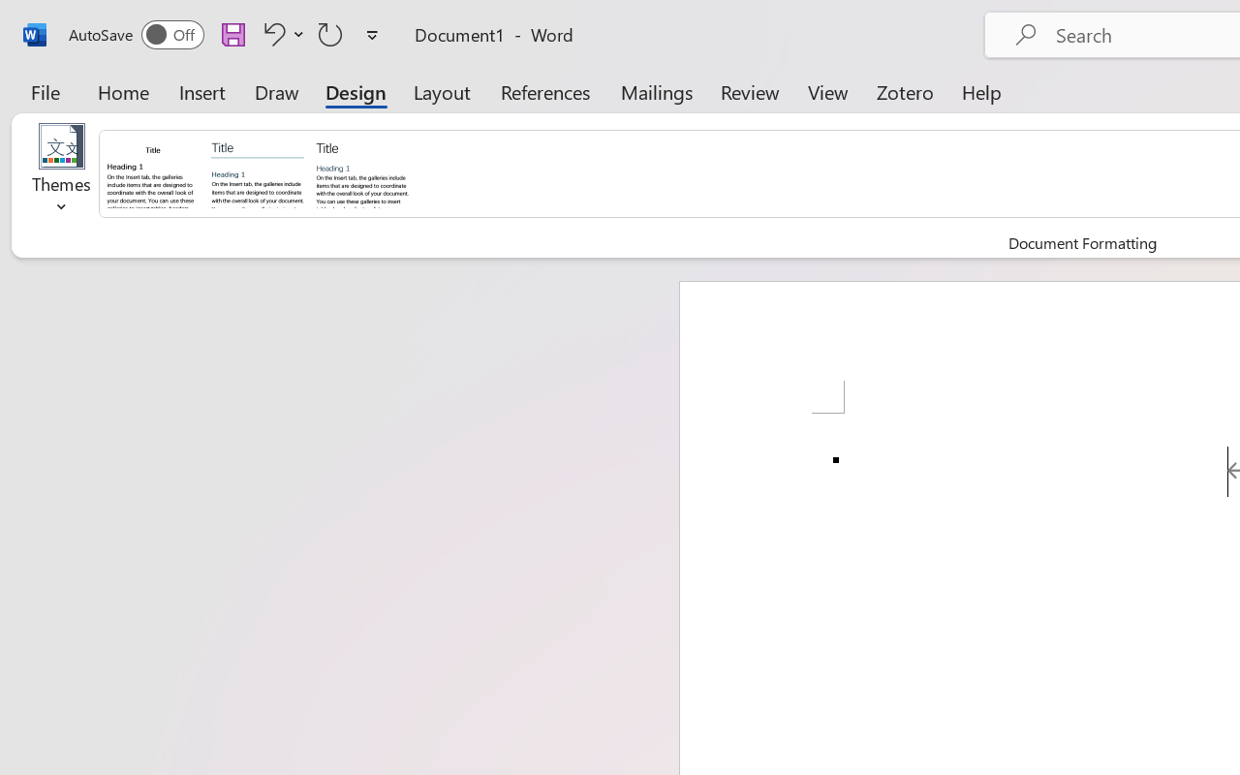 This screenshot has width=1240, height=775. I want to click on 'Themes', so click(62, 173).